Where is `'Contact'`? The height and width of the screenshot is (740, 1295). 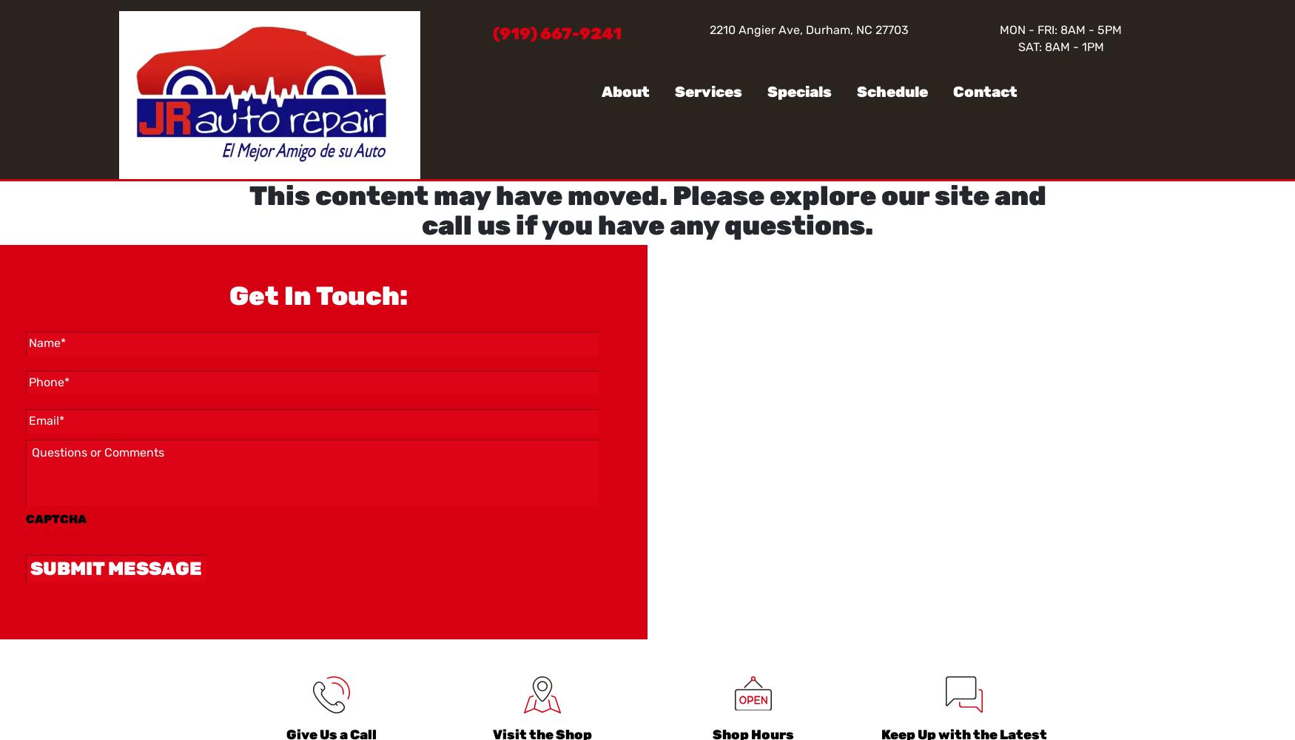 'Contact' is located at coordinates (984, 90).